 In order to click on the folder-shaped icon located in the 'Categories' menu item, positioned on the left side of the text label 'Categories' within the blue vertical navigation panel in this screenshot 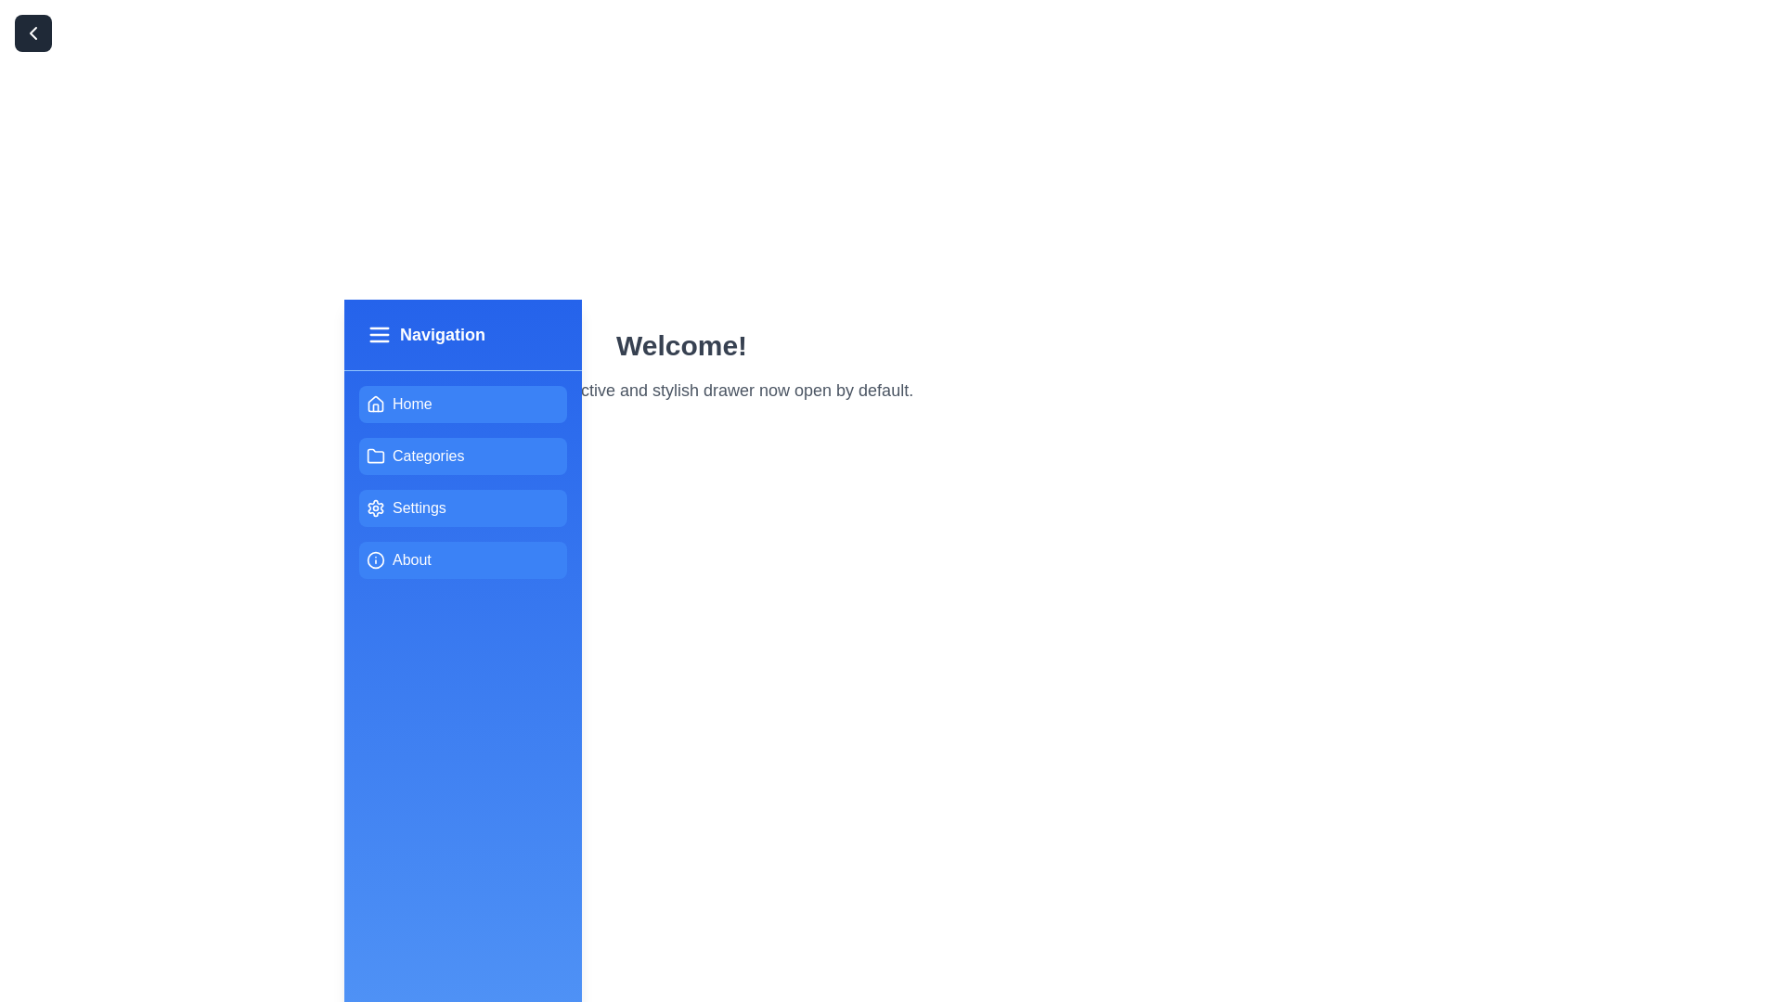, I will do `click(374, 456)`.